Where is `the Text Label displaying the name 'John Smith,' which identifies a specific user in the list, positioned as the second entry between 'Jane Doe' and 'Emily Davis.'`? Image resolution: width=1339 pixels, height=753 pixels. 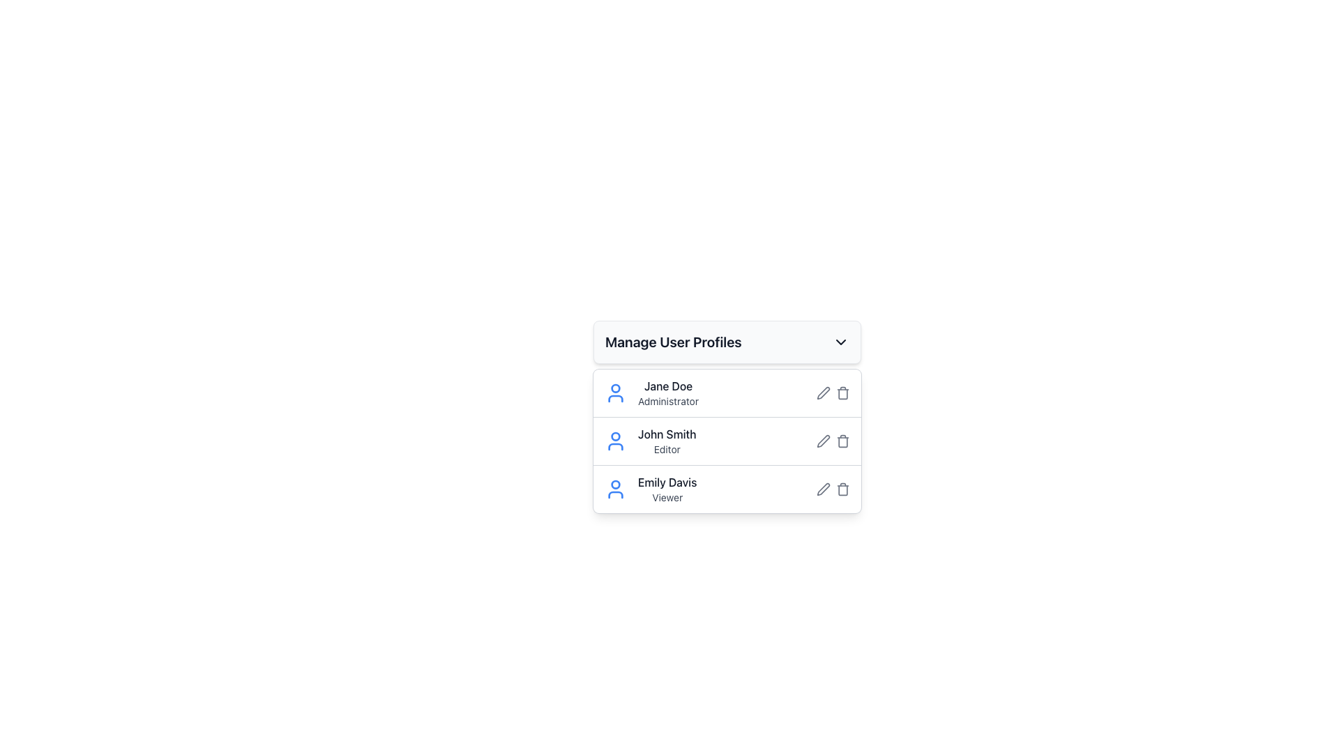 the Text Label displaying the name 'John Smith,' which identifies a specific user in the list, positioned as the second entry between 'Jane Doe' and 'Emily Davis.' is located at coordinates (666, 434).